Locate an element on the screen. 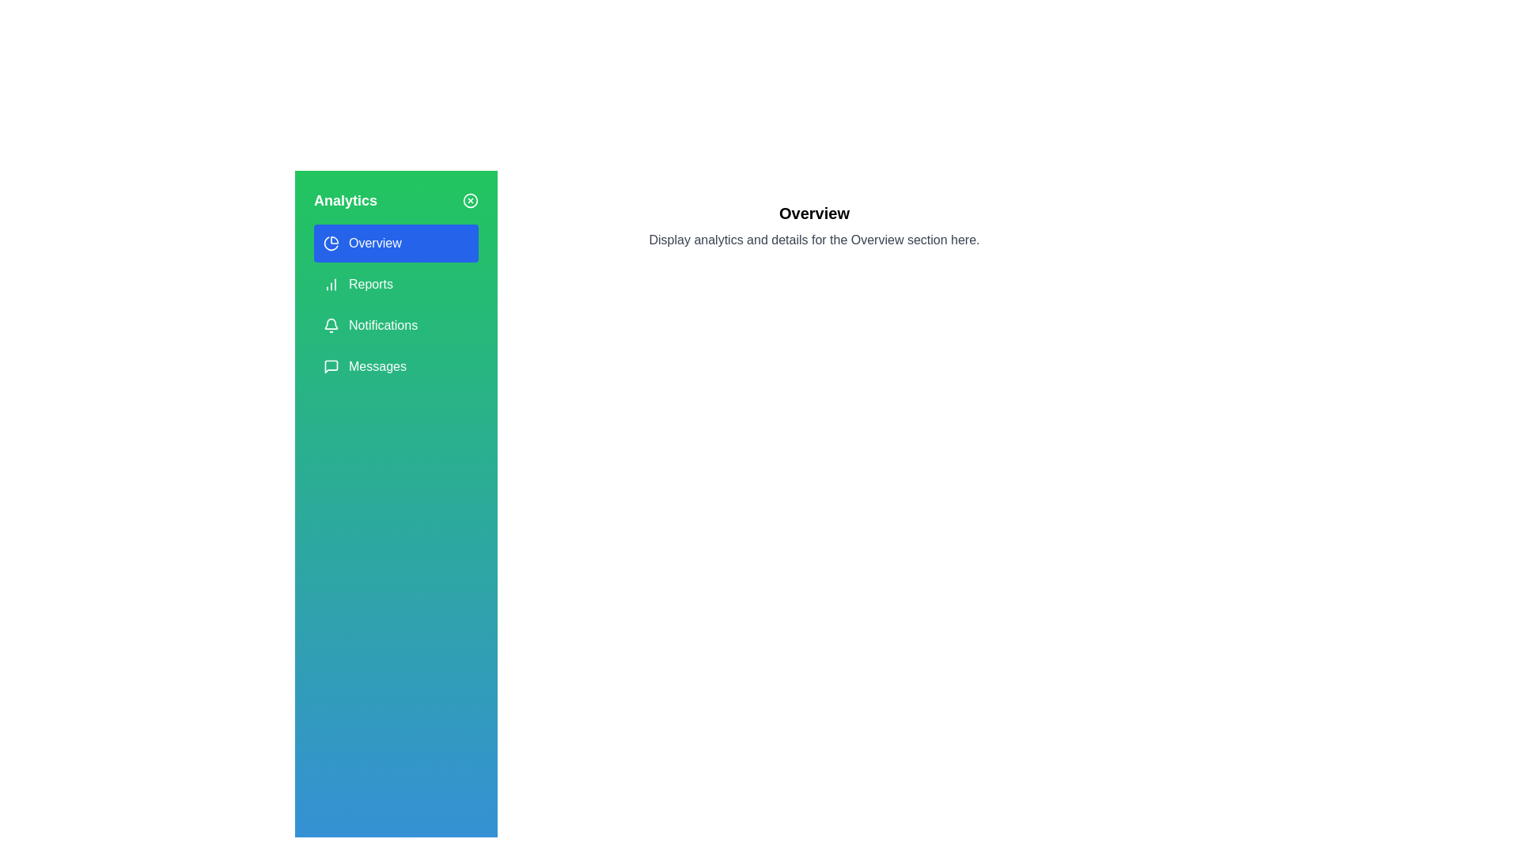 The height and width of the screenshot is (854, 1519). the menu option corresponding to Messages is located at coordinates (396, 366).